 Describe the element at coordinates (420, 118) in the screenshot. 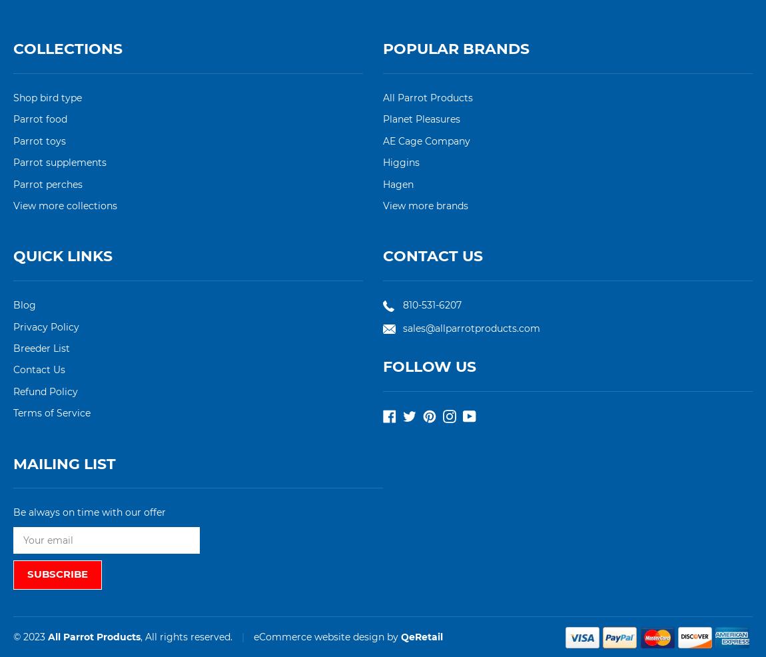

I see `'Planet Pleasures'` at that location.